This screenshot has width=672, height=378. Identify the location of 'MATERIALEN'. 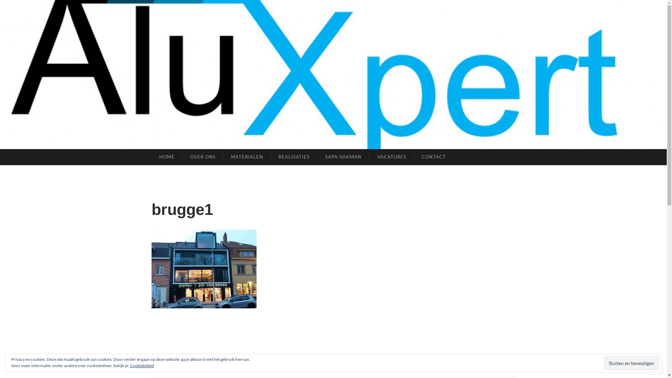
(247, 156).